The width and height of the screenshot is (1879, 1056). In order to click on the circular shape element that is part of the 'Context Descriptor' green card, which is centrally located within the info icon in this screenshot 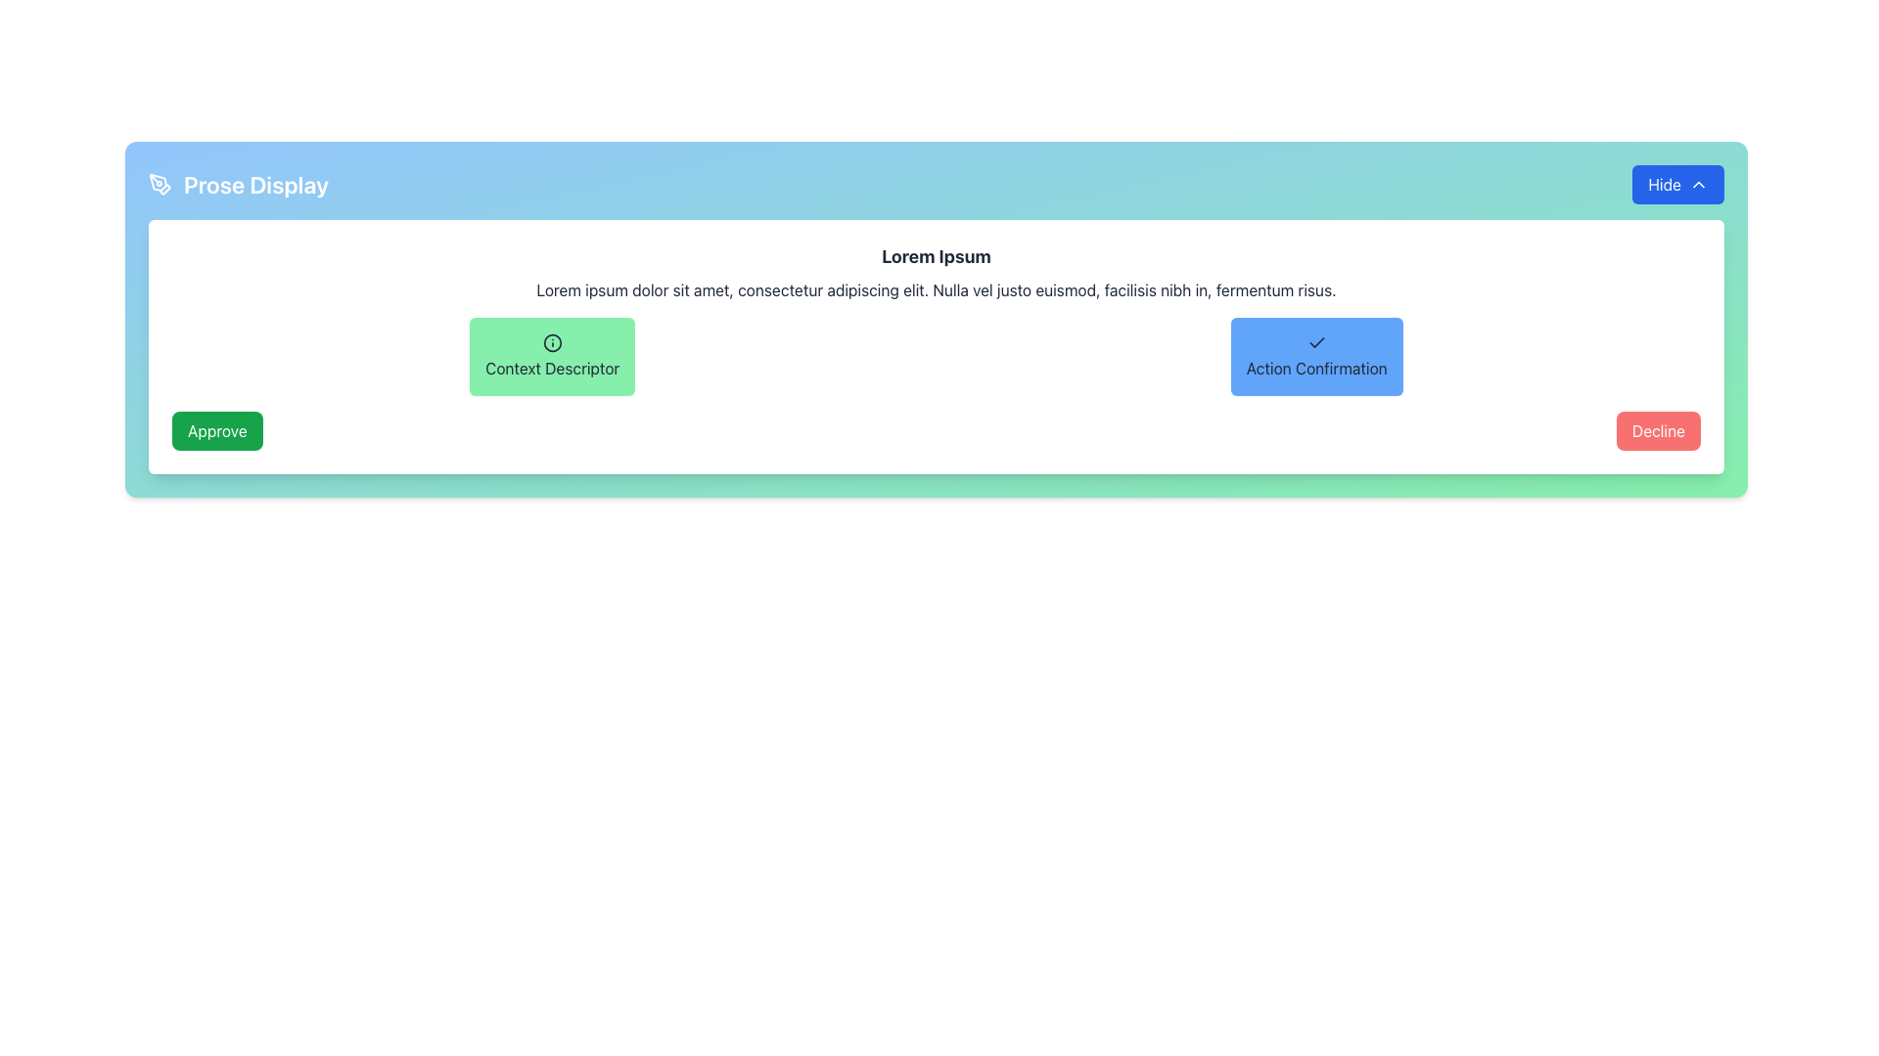, I will do `click(551, 342)`.